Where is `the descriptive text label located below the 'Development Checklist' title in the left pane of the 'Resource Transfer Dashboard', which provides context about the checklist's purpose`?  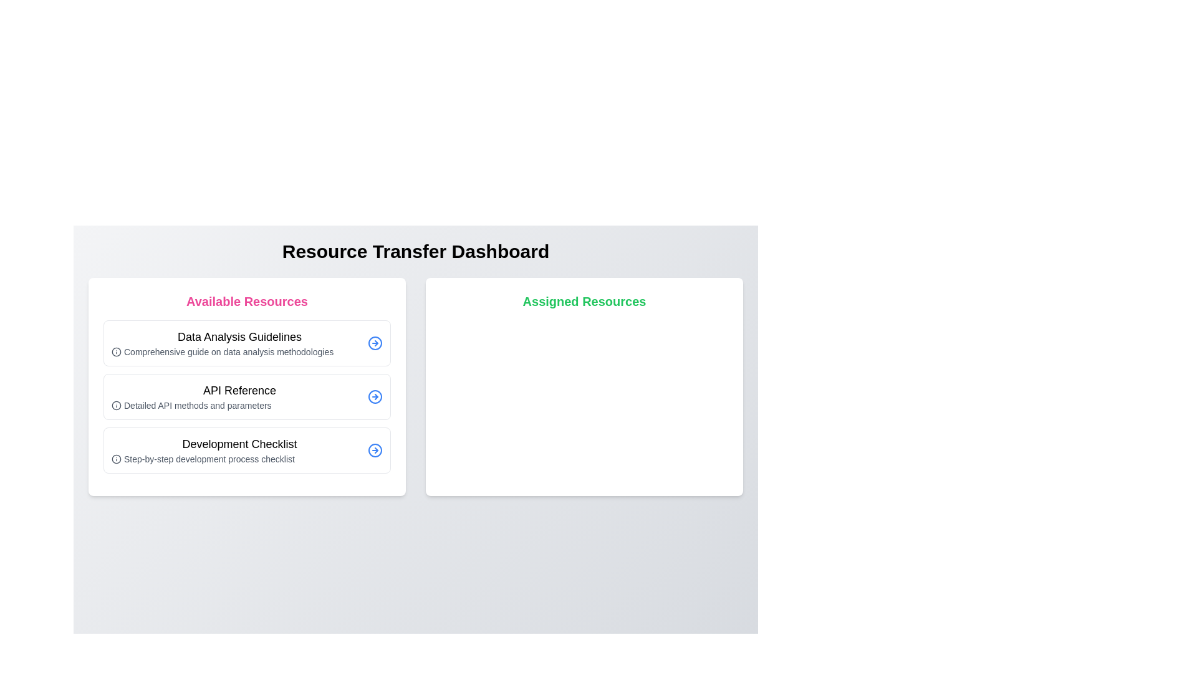
the descriptive text label located below the 'Development Checklist' title in the left pane of the 'Resource Transfer Dashboard', which provides context about the checklist's purpose is located at coordinates (239, 459).